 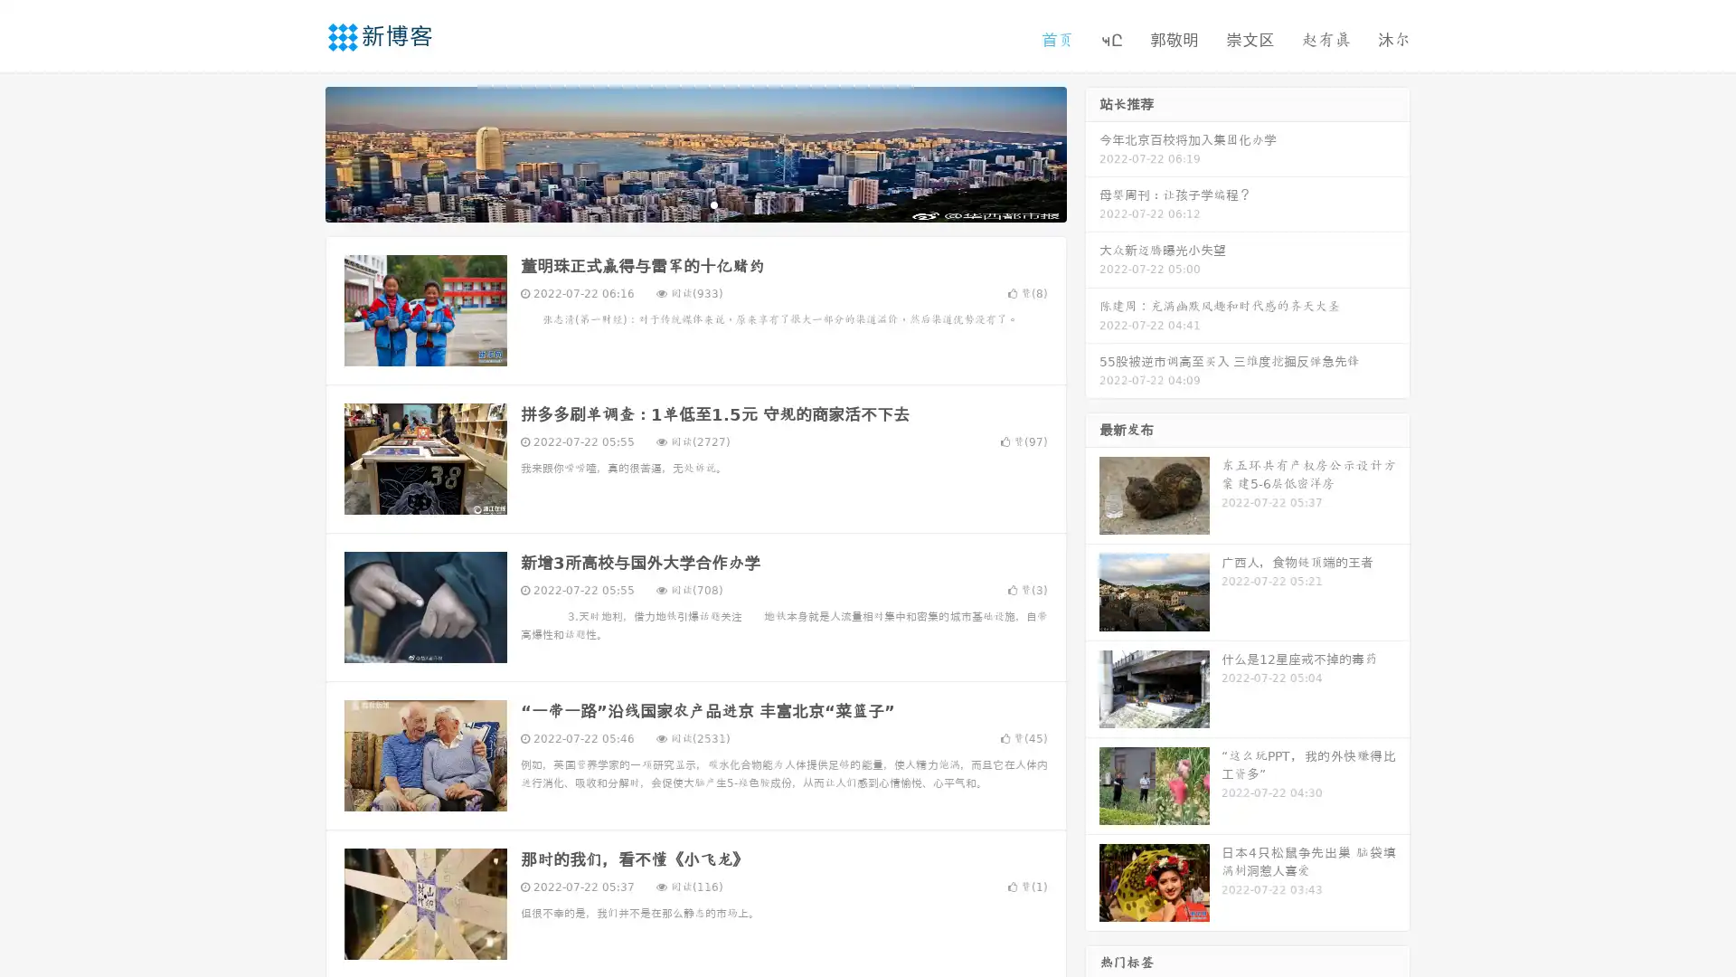 What do you see at coordinates (694, 204) in the screenshot?
I see `Go to slide 2` at bounding box center [694, 204].